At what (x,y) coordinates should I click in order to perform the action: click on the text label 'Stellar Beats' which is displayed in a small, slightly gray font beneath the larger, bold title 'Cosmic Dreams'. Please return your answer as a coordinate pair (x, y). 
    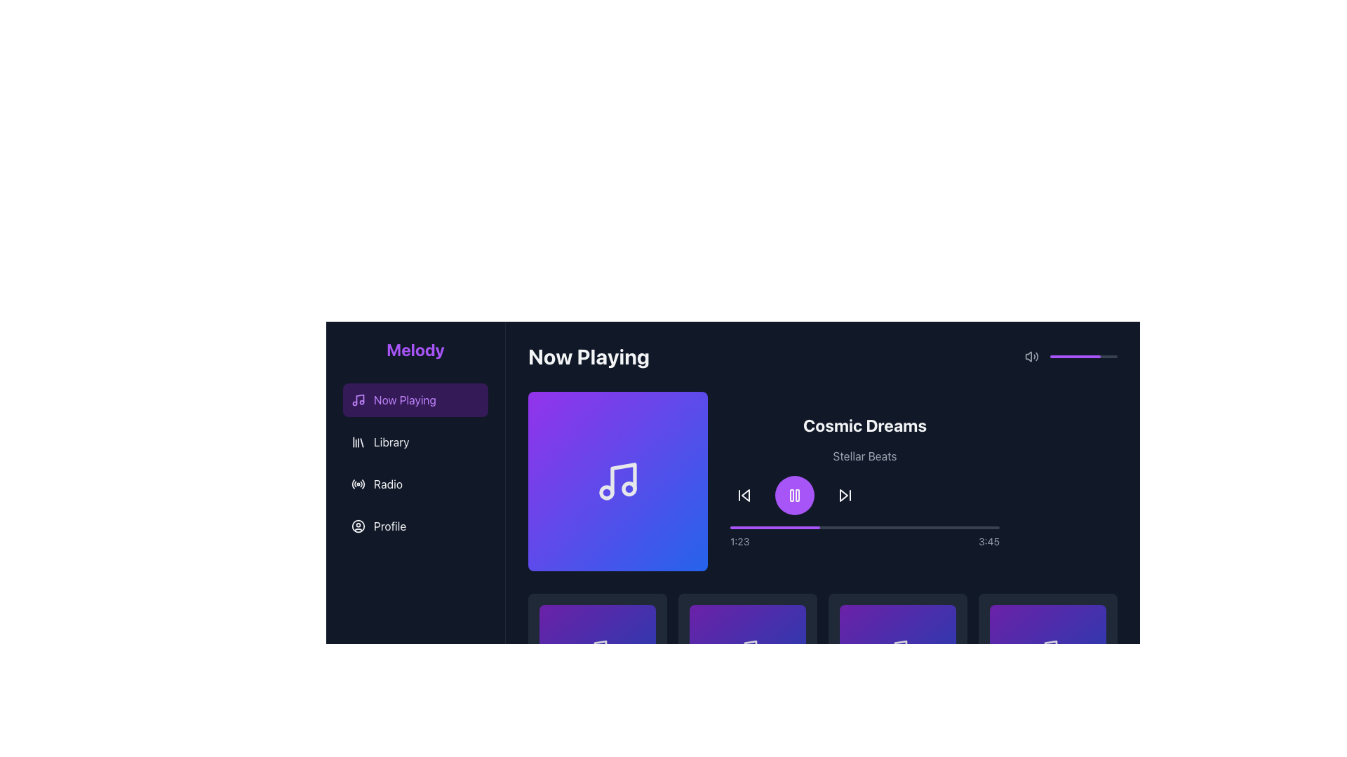
    Looking at the image, I should click on (864, 456).